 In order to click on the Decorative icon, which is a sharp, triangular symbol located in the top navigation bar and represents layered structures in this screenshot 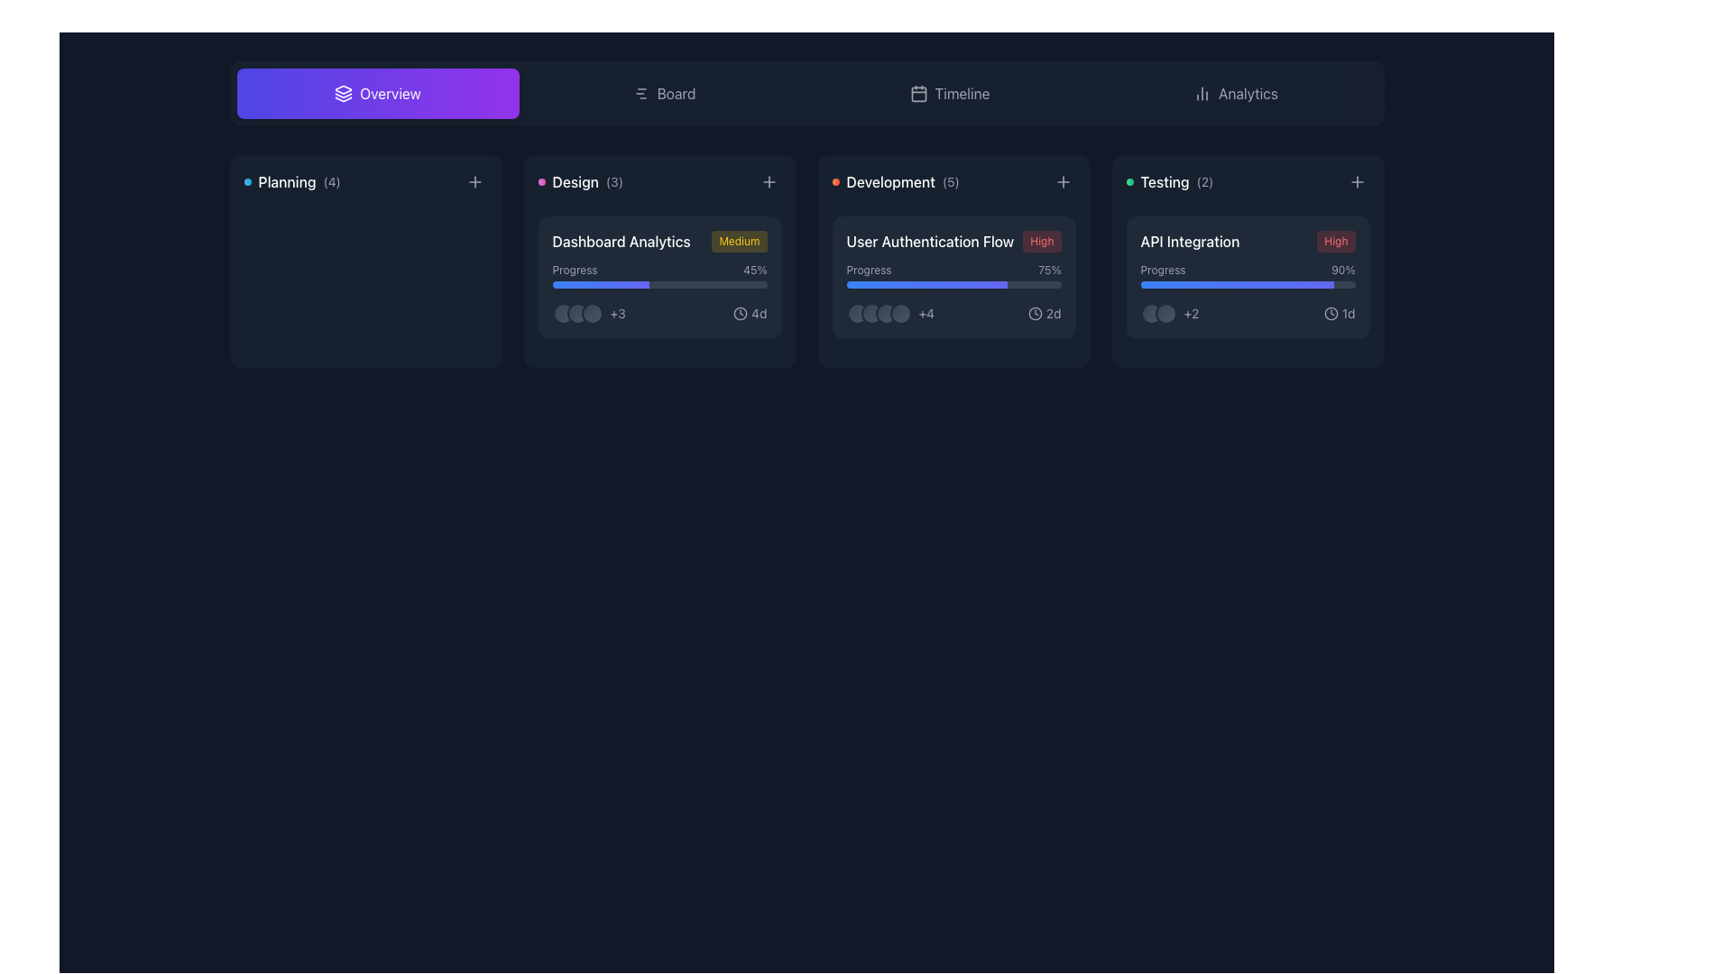, I will do `click(344, 89)`.